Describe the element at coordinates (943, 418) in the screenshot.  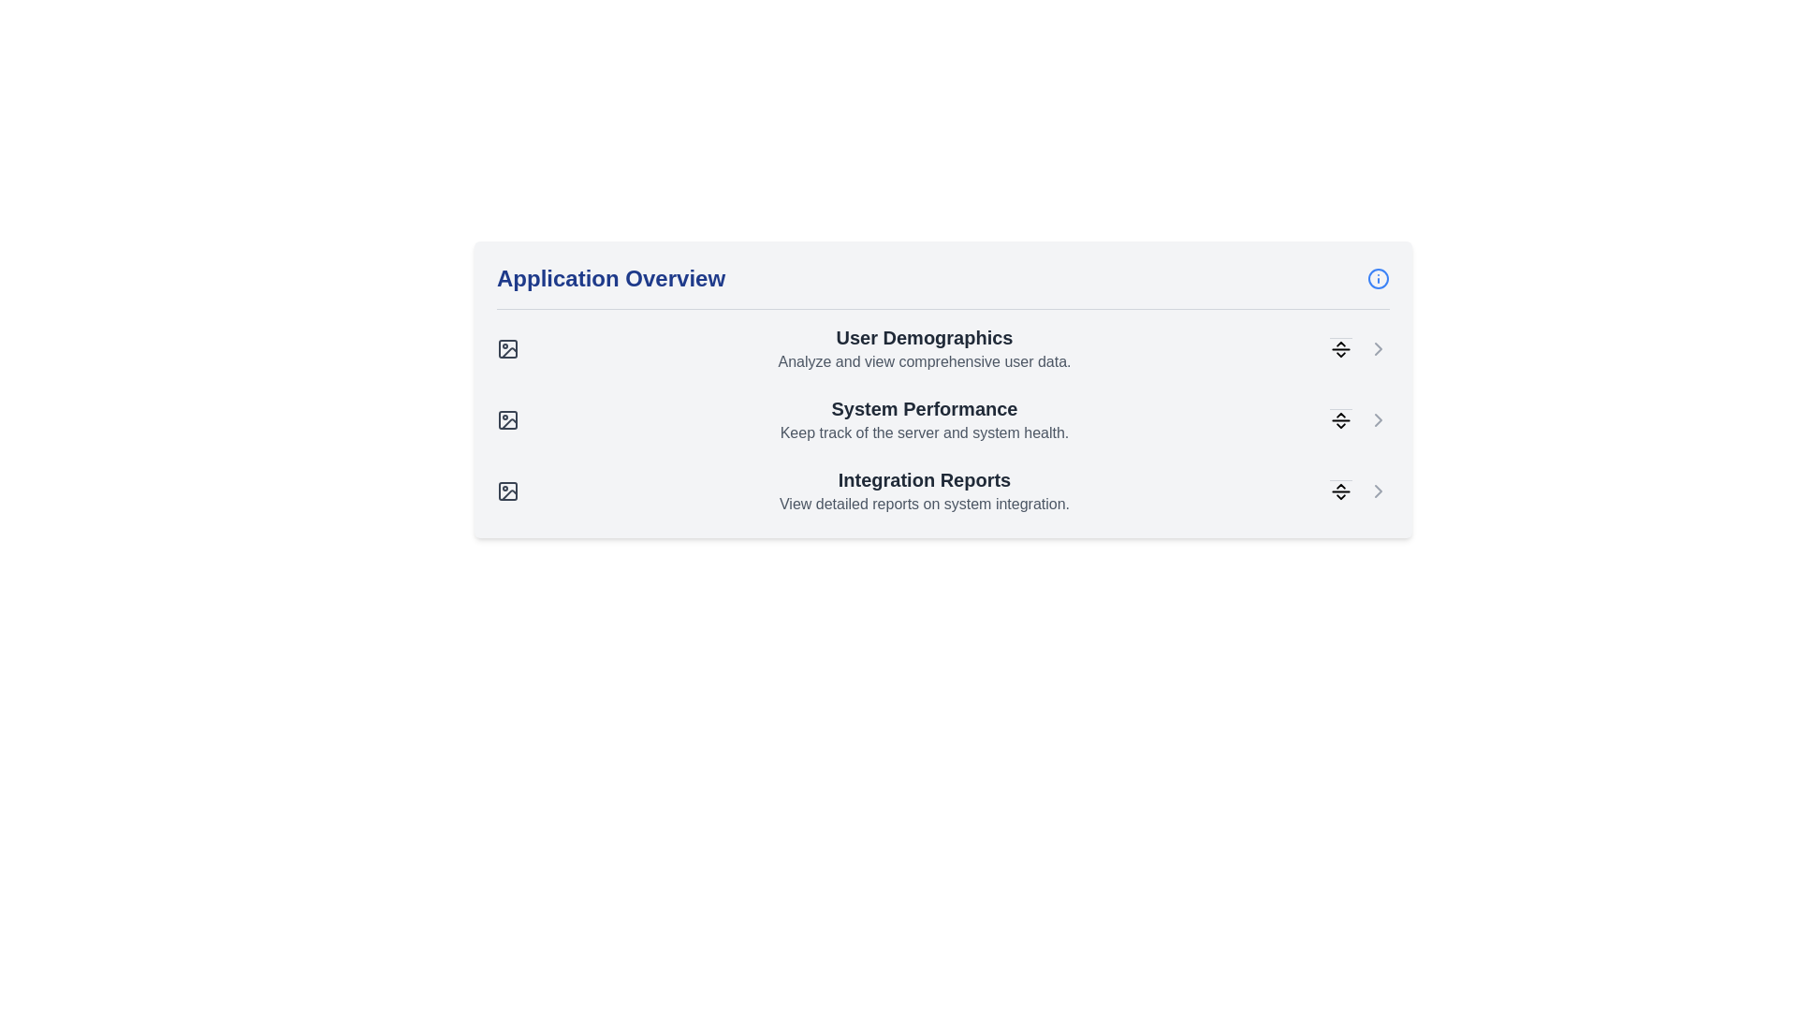
I see `the 'System Performance' information display element, which features a bold title and a subtitle` at that location.